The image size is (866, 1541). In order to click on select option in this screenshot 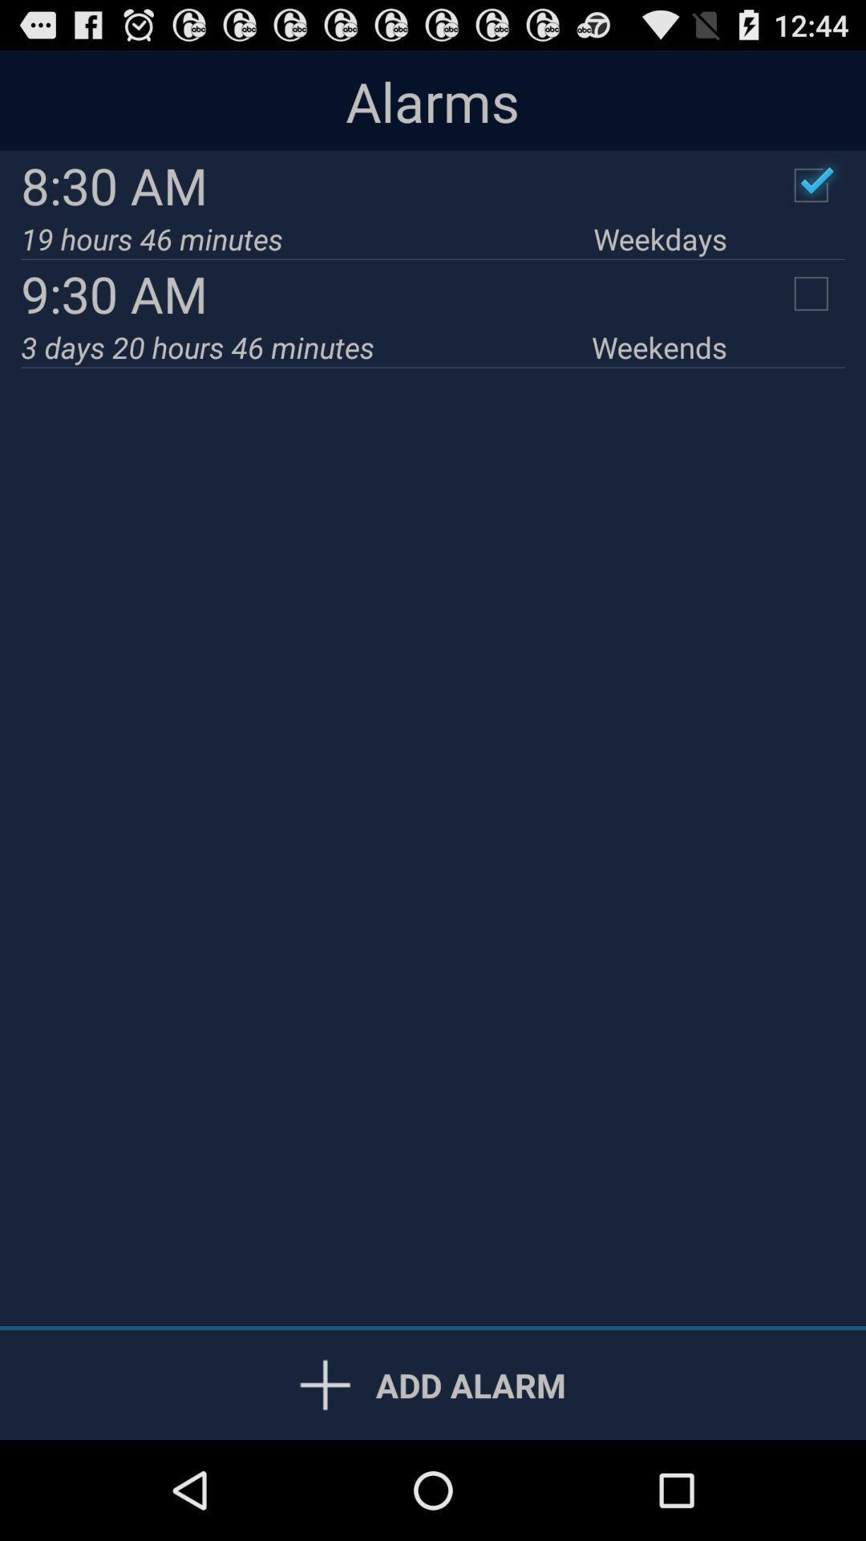, I will do `click(811, 185)`.